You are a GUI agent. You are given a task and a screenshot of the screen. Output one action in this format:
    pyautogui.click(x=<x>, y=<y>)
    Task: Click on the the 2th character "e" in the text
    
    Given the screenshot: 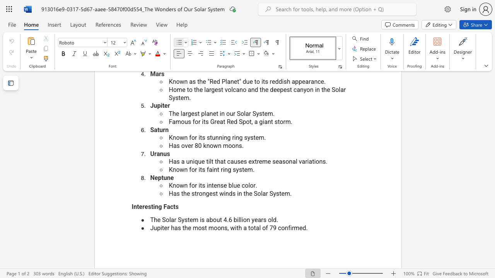 What is the action you would take?
    pyautogui.click(x=191, y=220)
    